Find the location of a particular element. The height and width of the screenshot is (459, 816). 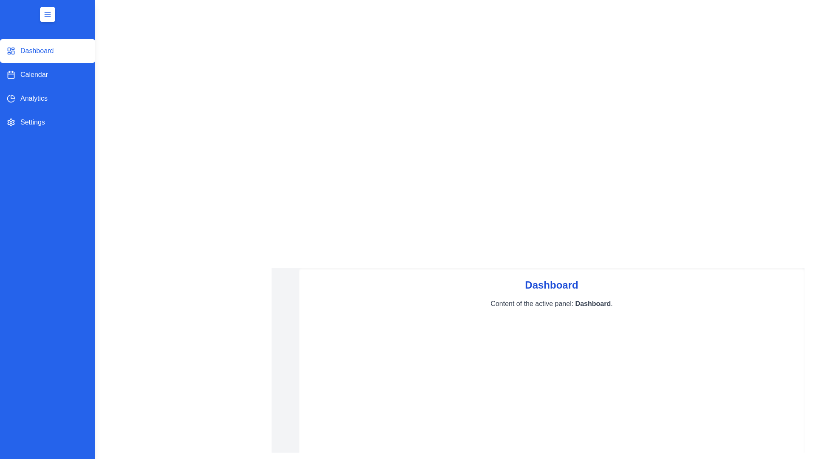

the panel labeled Dashboard in the sidebar is located at coordinates (47, 51).